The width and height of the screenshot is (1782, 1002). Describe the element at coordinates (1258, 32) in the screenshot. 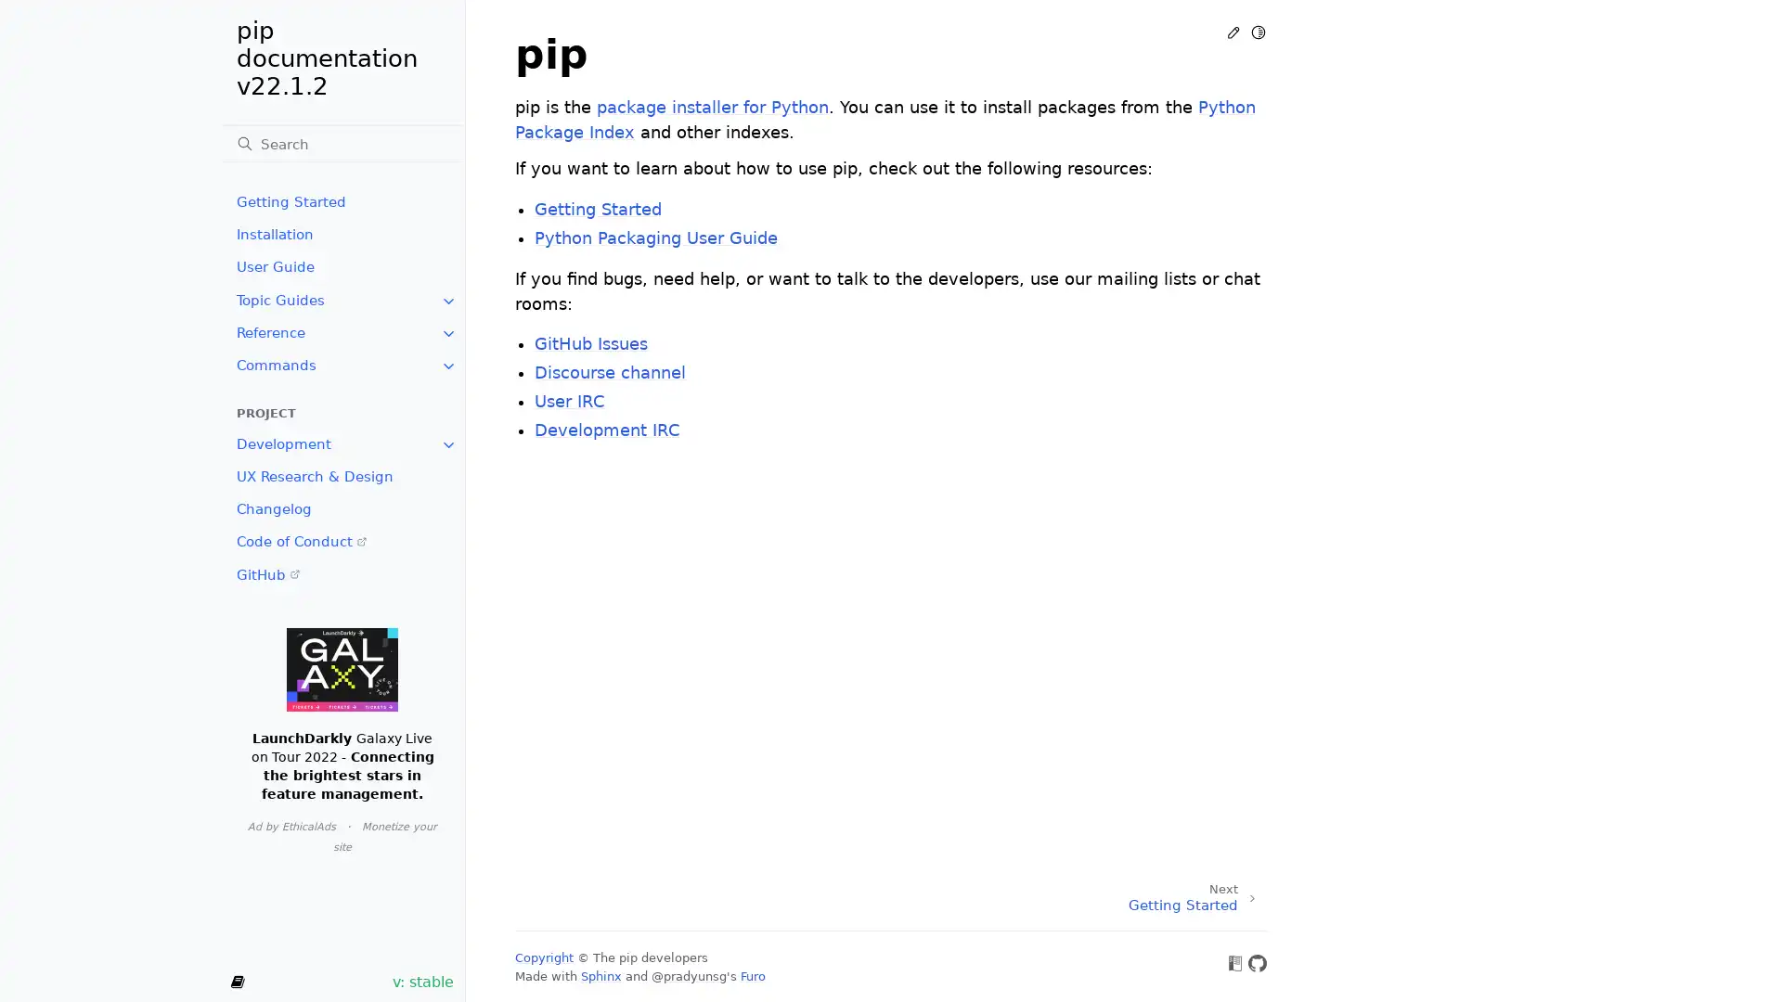

I see `Toggle Light / Dark / Auto color theme` at that location.